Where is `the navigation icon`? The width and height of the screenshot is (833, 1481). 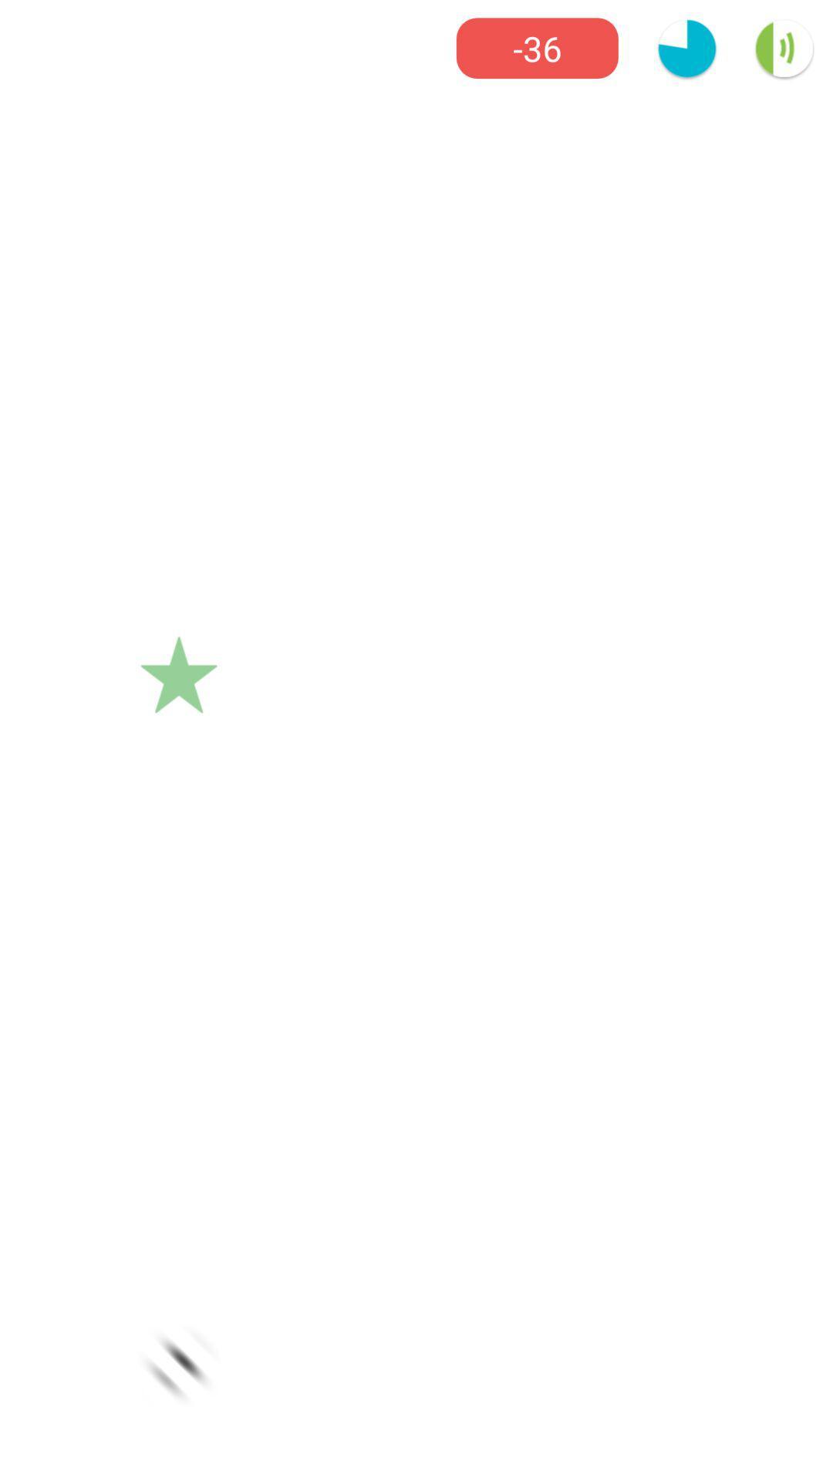
the navigation icon is located at coordinates (178, 1365).